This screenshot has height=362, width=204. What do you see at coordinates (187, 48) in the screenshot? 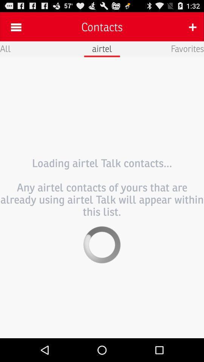
I see `the icon next to the airtel icon` at bounding box center [187, 48].